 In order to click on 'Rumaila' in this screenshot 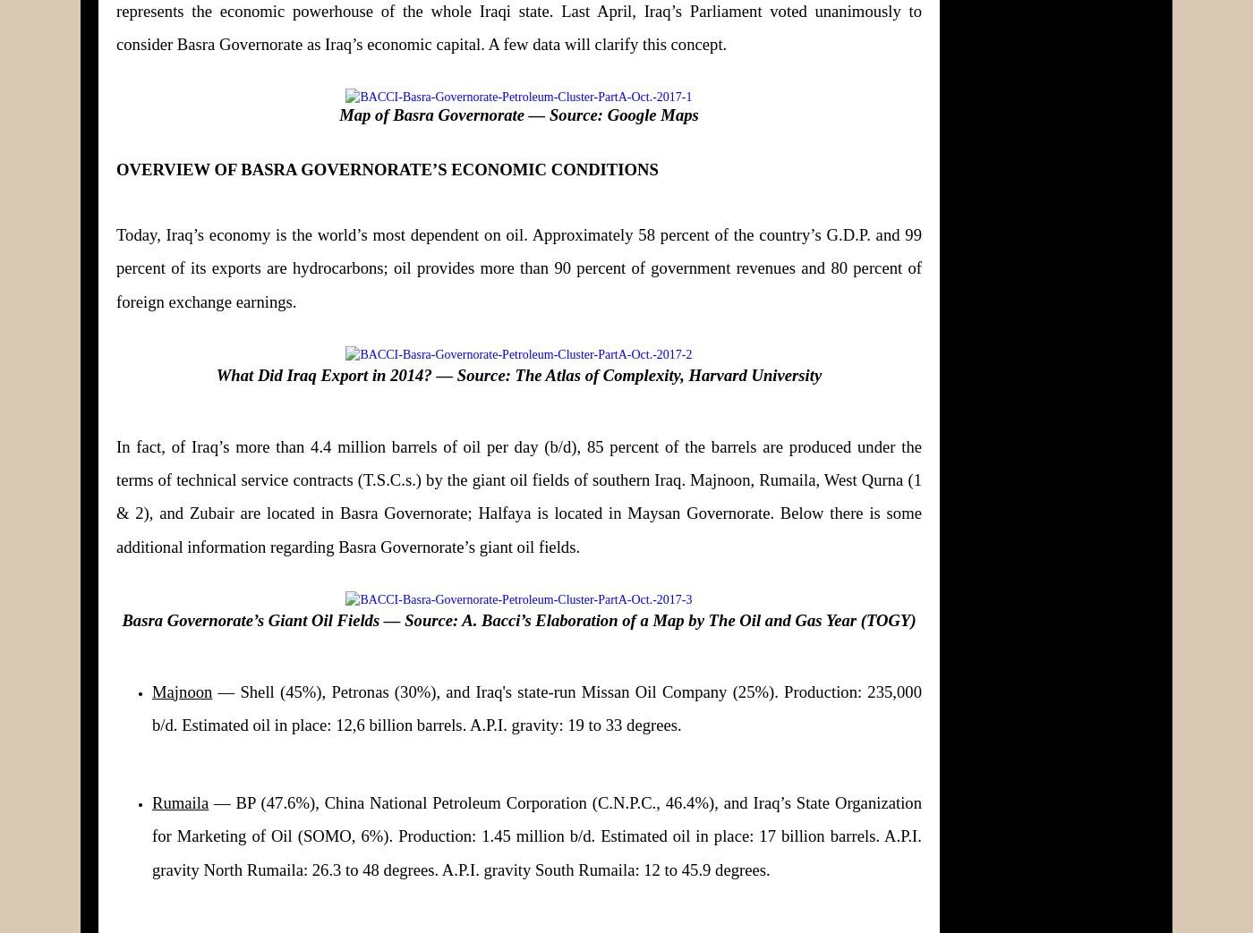, I will do `click(180, 802)`.